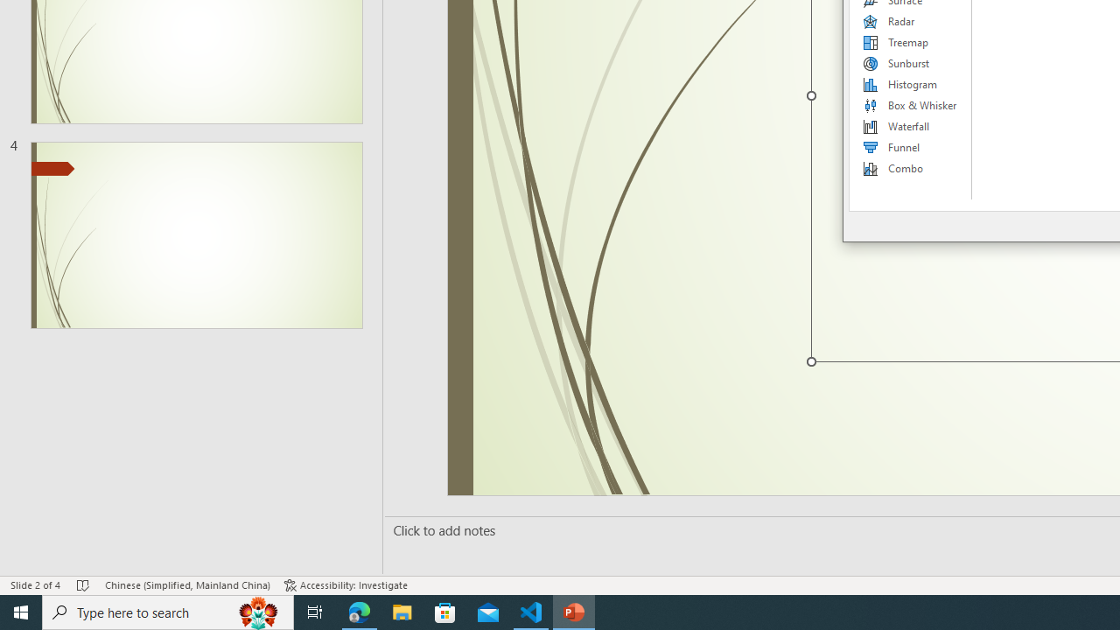 The height and width of the screenshot is (630, 1120). What do you see at coordinates (910, 105) in the screenshot?
I see `'Box & Whisker'` at bounding box center [910, 105].